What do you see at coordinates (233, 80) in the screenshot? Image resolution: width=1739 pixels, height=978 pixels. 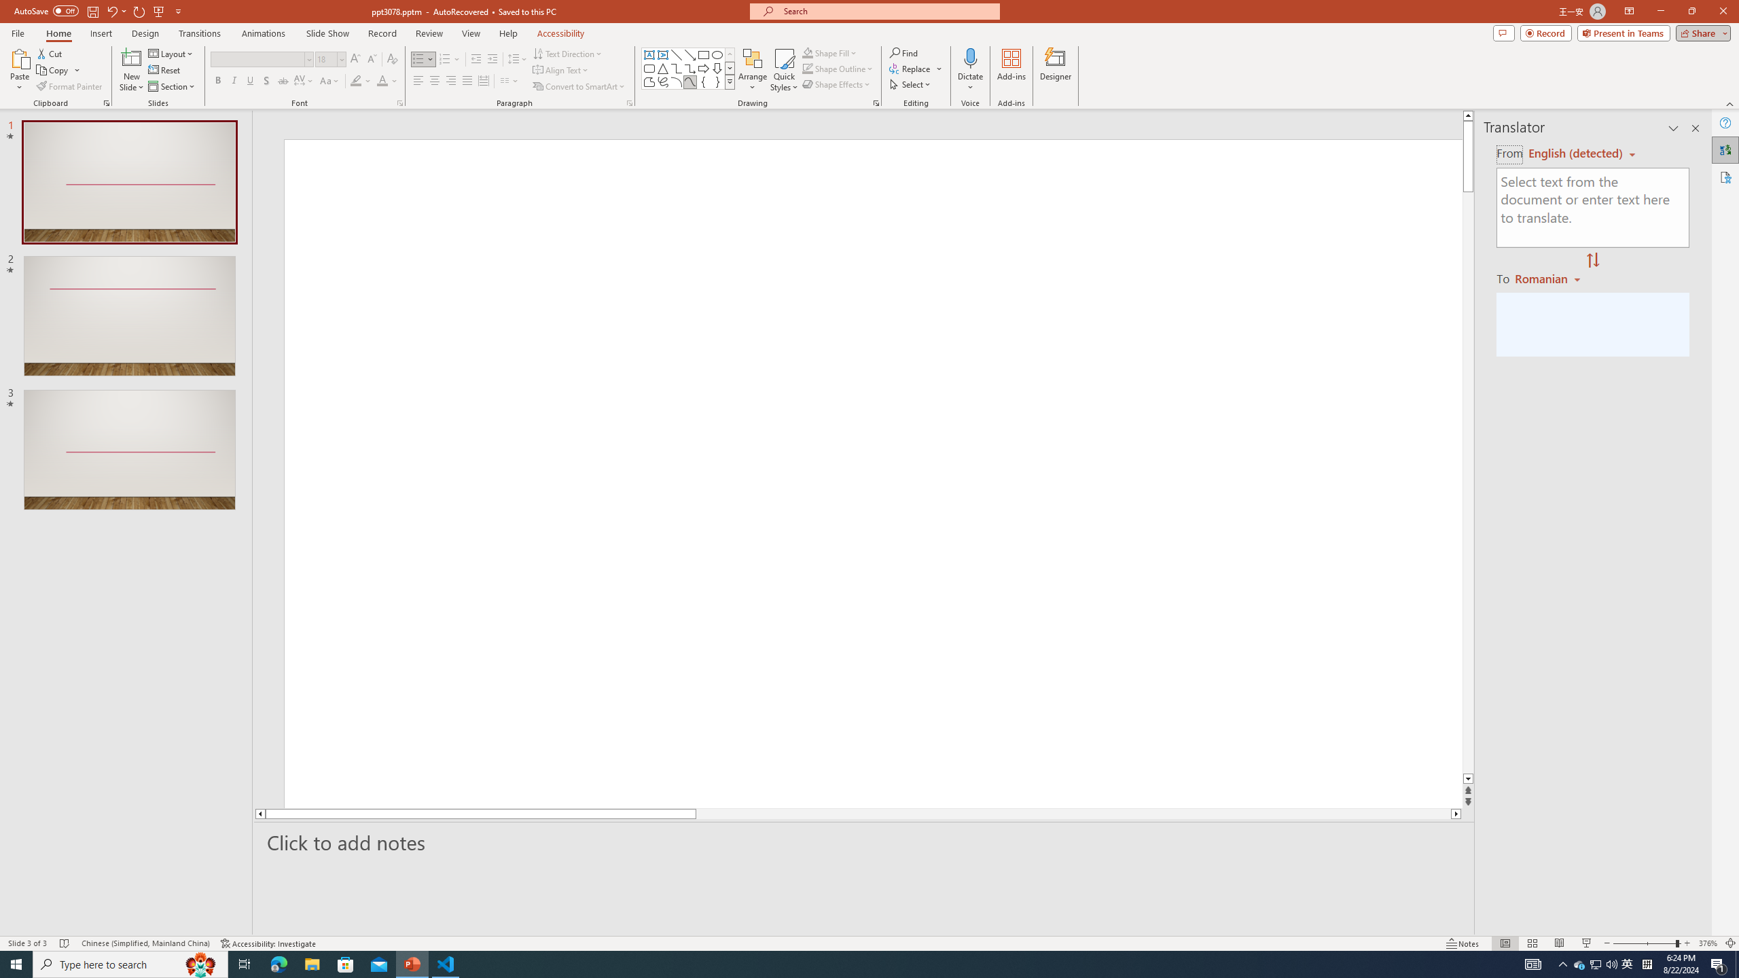 I see `'Italic'` at bounding box center [233, 80].